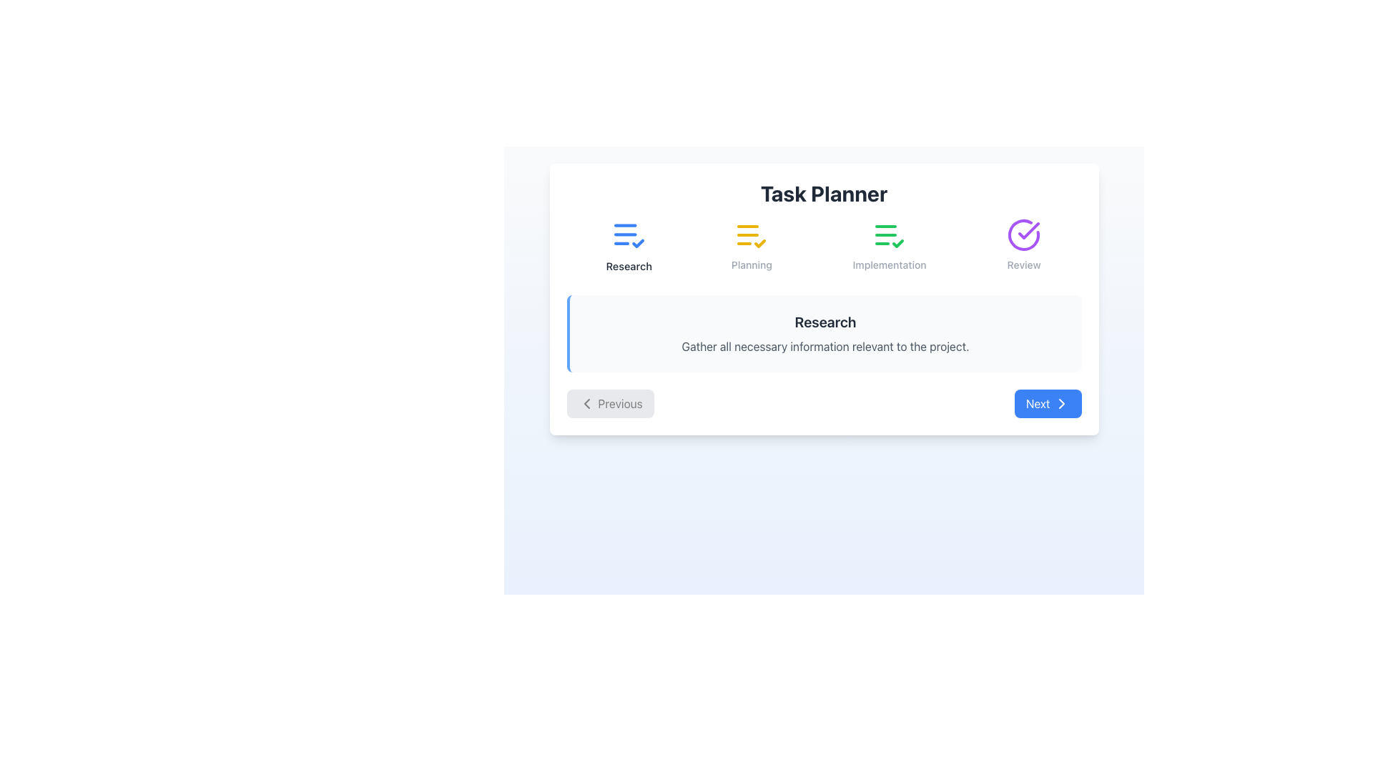  What do you see at coordinates (1023, 234) in the screenshot?
I see `the circular icon featuring a checkmark in purple stroke located in the 'Review' section of the task navigation bar` at bounding box center [1023, 234].